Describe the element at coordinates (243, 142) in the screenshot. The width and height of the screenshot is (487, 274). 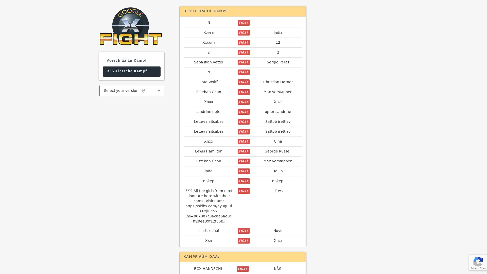
I see `FIGHT` at that location.